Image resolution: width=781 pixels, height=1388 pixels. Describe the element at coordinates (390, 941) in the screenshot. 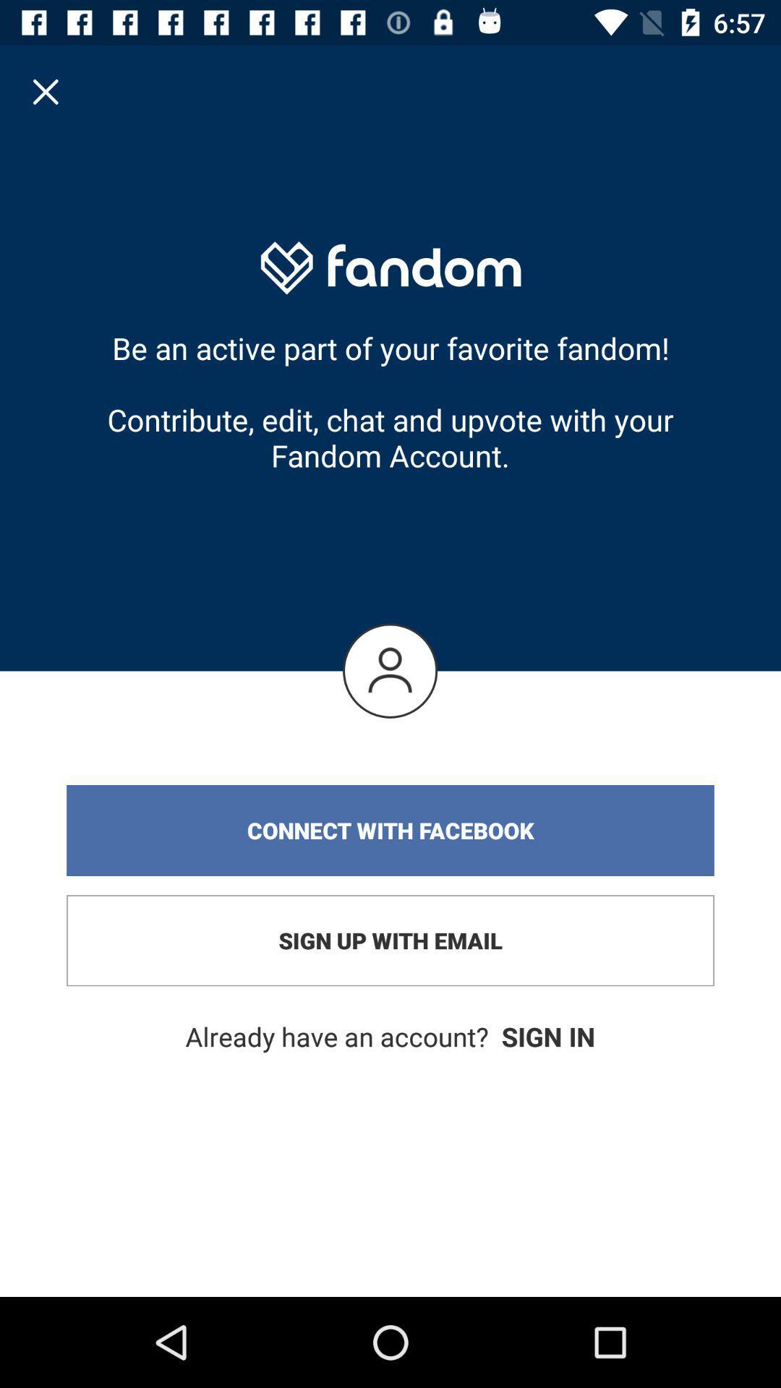

I see `sign up with item` at that location.